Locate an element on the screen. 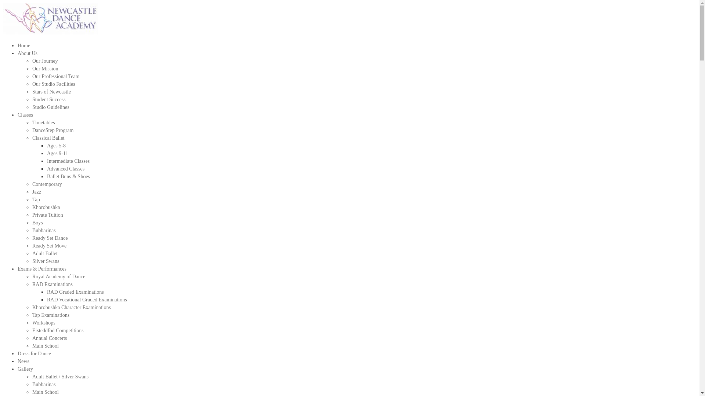  'Ballet Buns & Shoes' is located at coordinates (47, 176).